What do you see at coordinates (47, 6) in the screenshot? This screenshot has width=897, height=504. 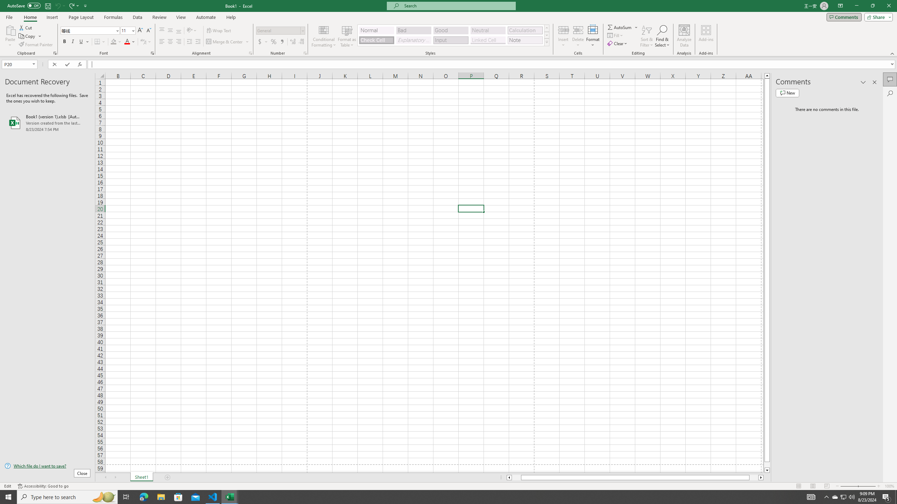 I see `'Quick Access Toolbar'` at bounding box center [47, 6].